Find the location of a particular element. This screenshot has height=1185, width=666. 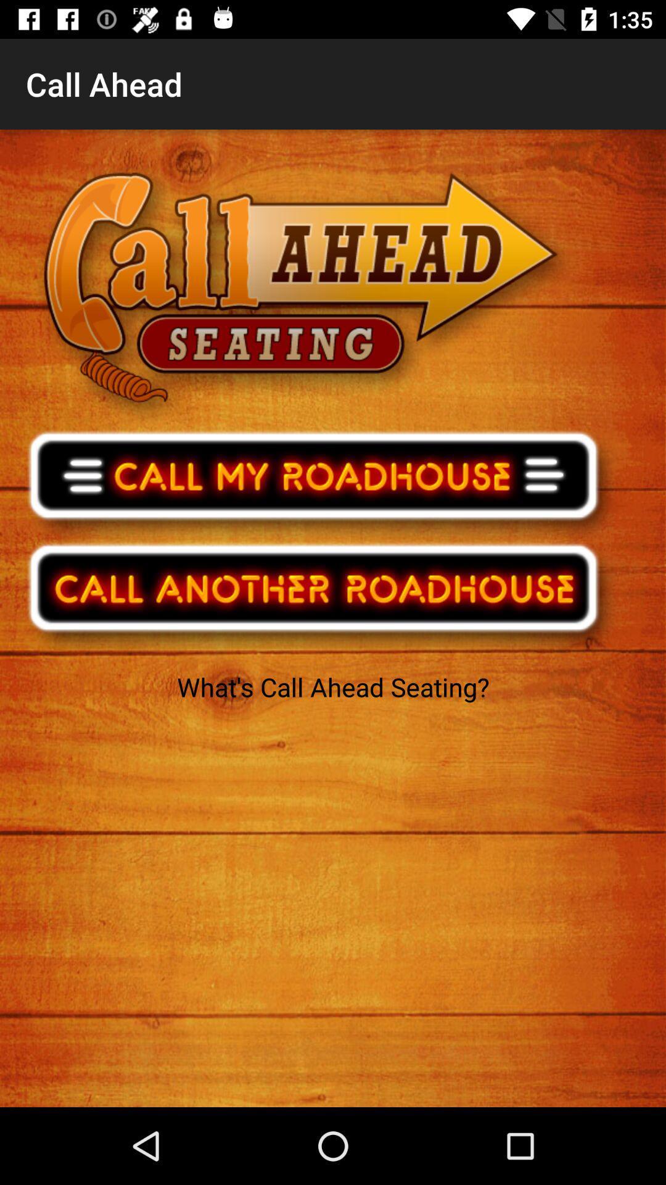

search bar is located at coordinates (321, 596).